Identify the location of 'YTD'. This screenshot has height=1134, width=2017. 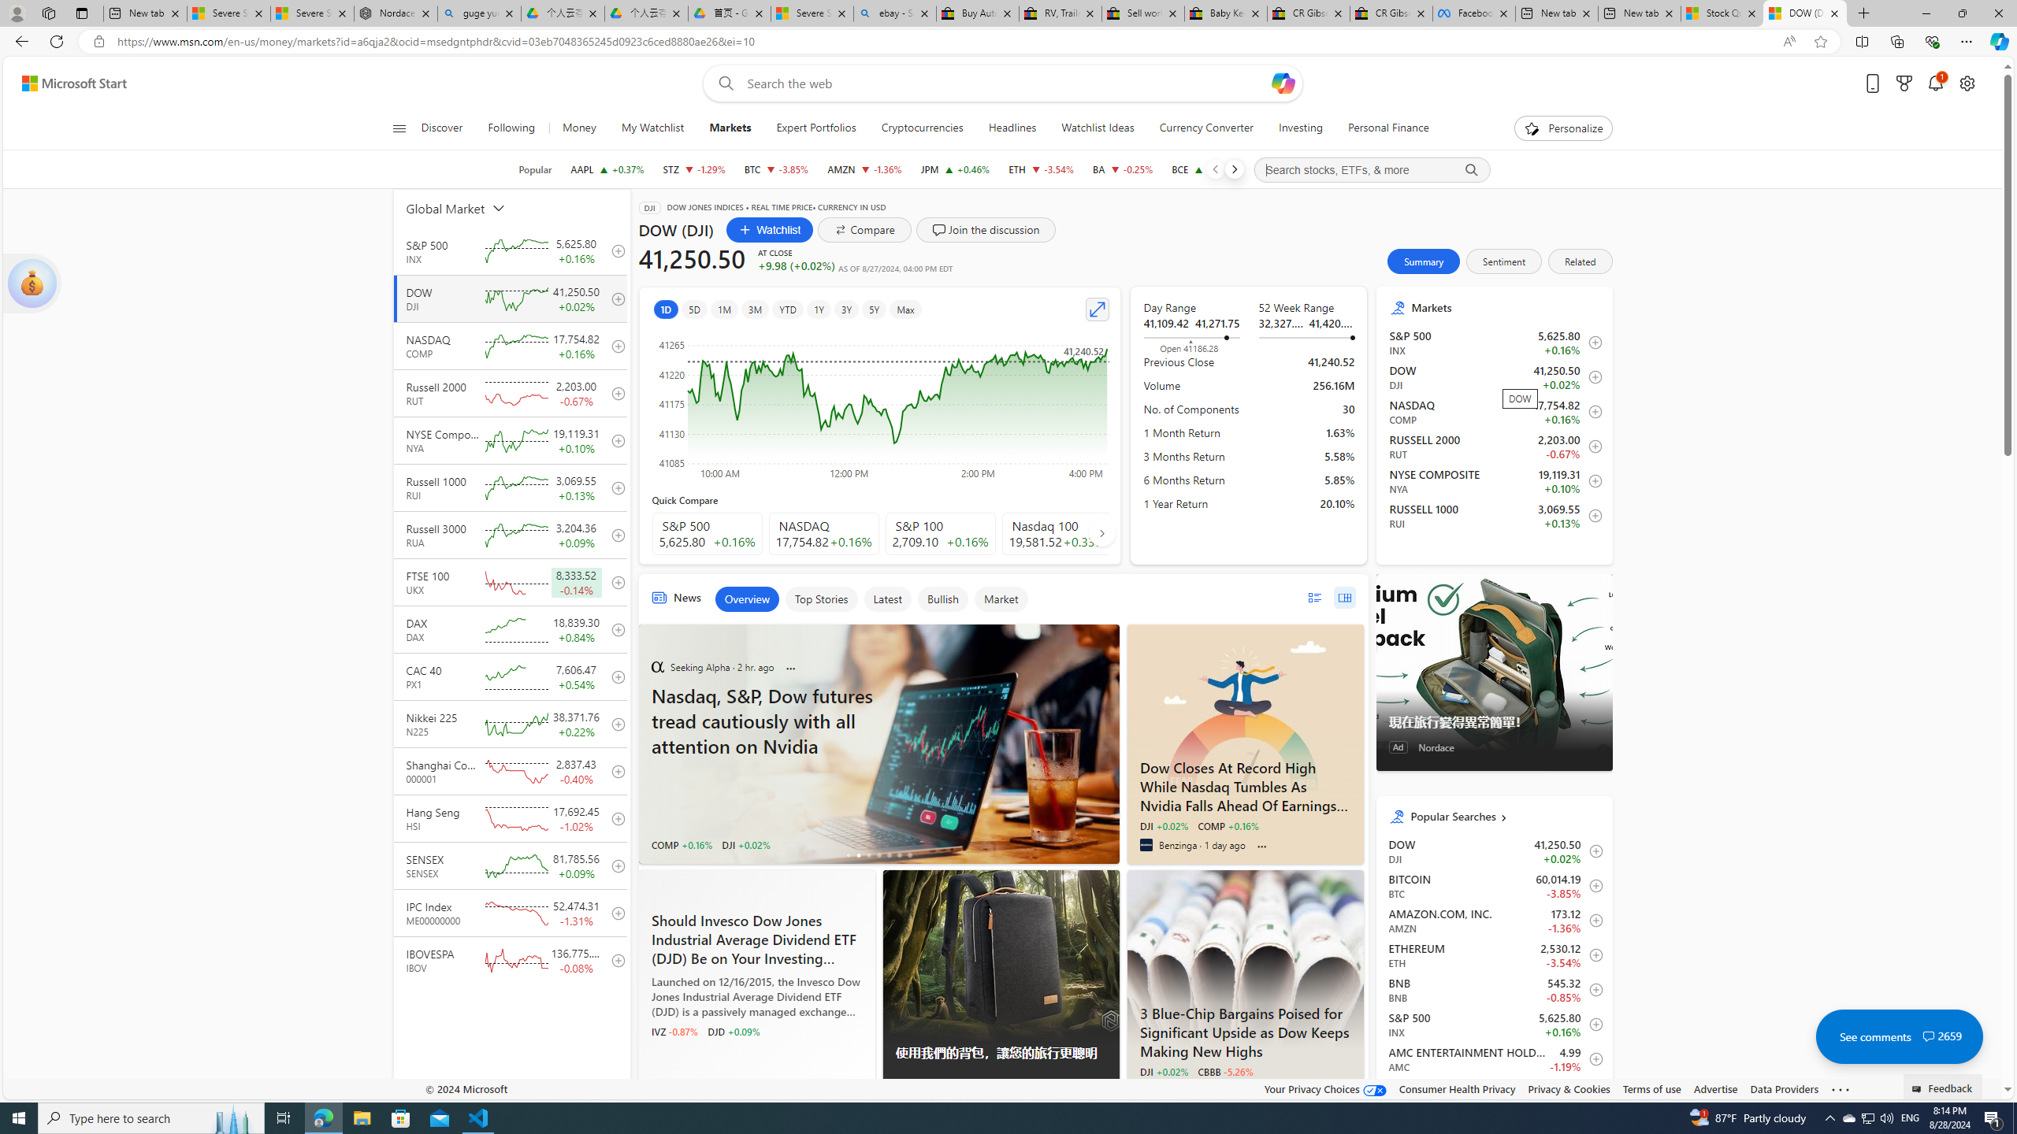
(786, 309).